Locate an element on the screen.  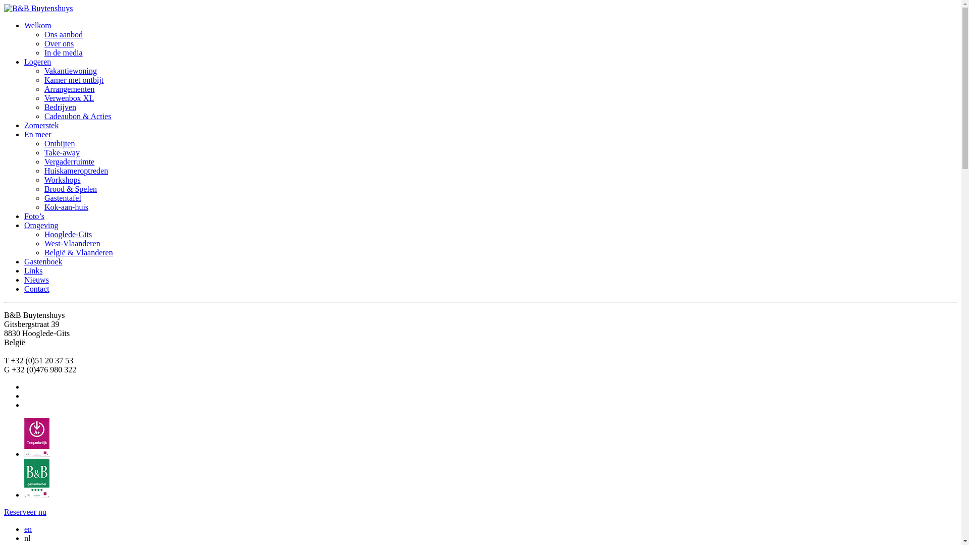
'Kamer met ontbijt' is located at coordinates (73, 79).